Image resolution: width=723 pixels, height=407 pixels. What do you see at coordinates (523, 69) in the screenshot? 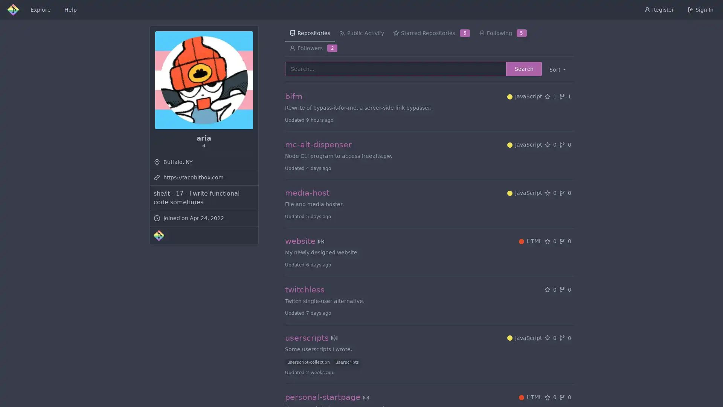
I see `Search` at bounding box center [523, 69].